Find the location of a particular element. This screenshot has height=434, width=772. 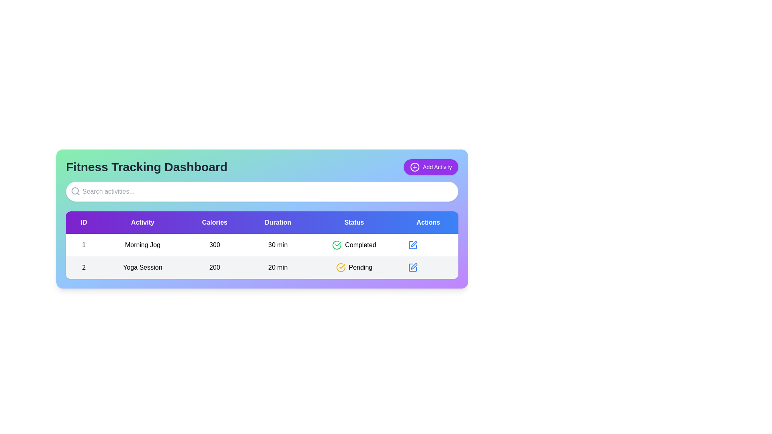

the editing button in the 'Actions' column of the second row of the fitness tracking dashboard table, which corresponds to the 'Yoga Session' row is located at coordinates (413, 244).